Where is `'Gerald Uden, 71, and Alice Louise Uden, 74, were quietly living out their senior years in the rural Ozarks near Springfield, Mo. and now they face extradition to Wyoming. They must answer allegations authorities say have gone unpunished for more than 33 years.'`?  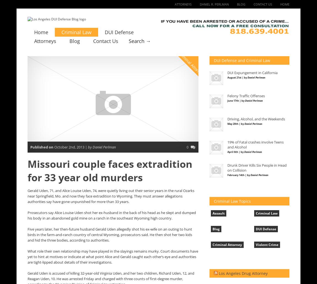
'Gerald Uden, 71, and Alice Louise Uden, 74, were quietly living out their senior years in the rural Ozarks near Springfield, Mo. and now they face extradition to Wyoming. They must answer allegations authorities say have gone unpunished for more than 33 years.' is located at coordinates (111, 196).